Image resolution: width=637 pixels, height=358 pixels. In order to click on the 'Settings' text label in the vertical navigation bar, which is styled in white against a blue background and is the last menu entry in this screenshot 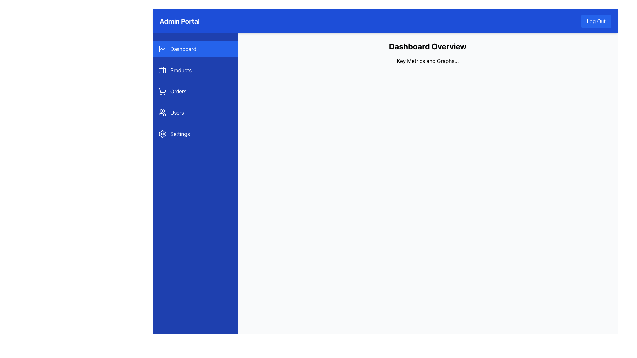, I will do `click(180, 134)`.